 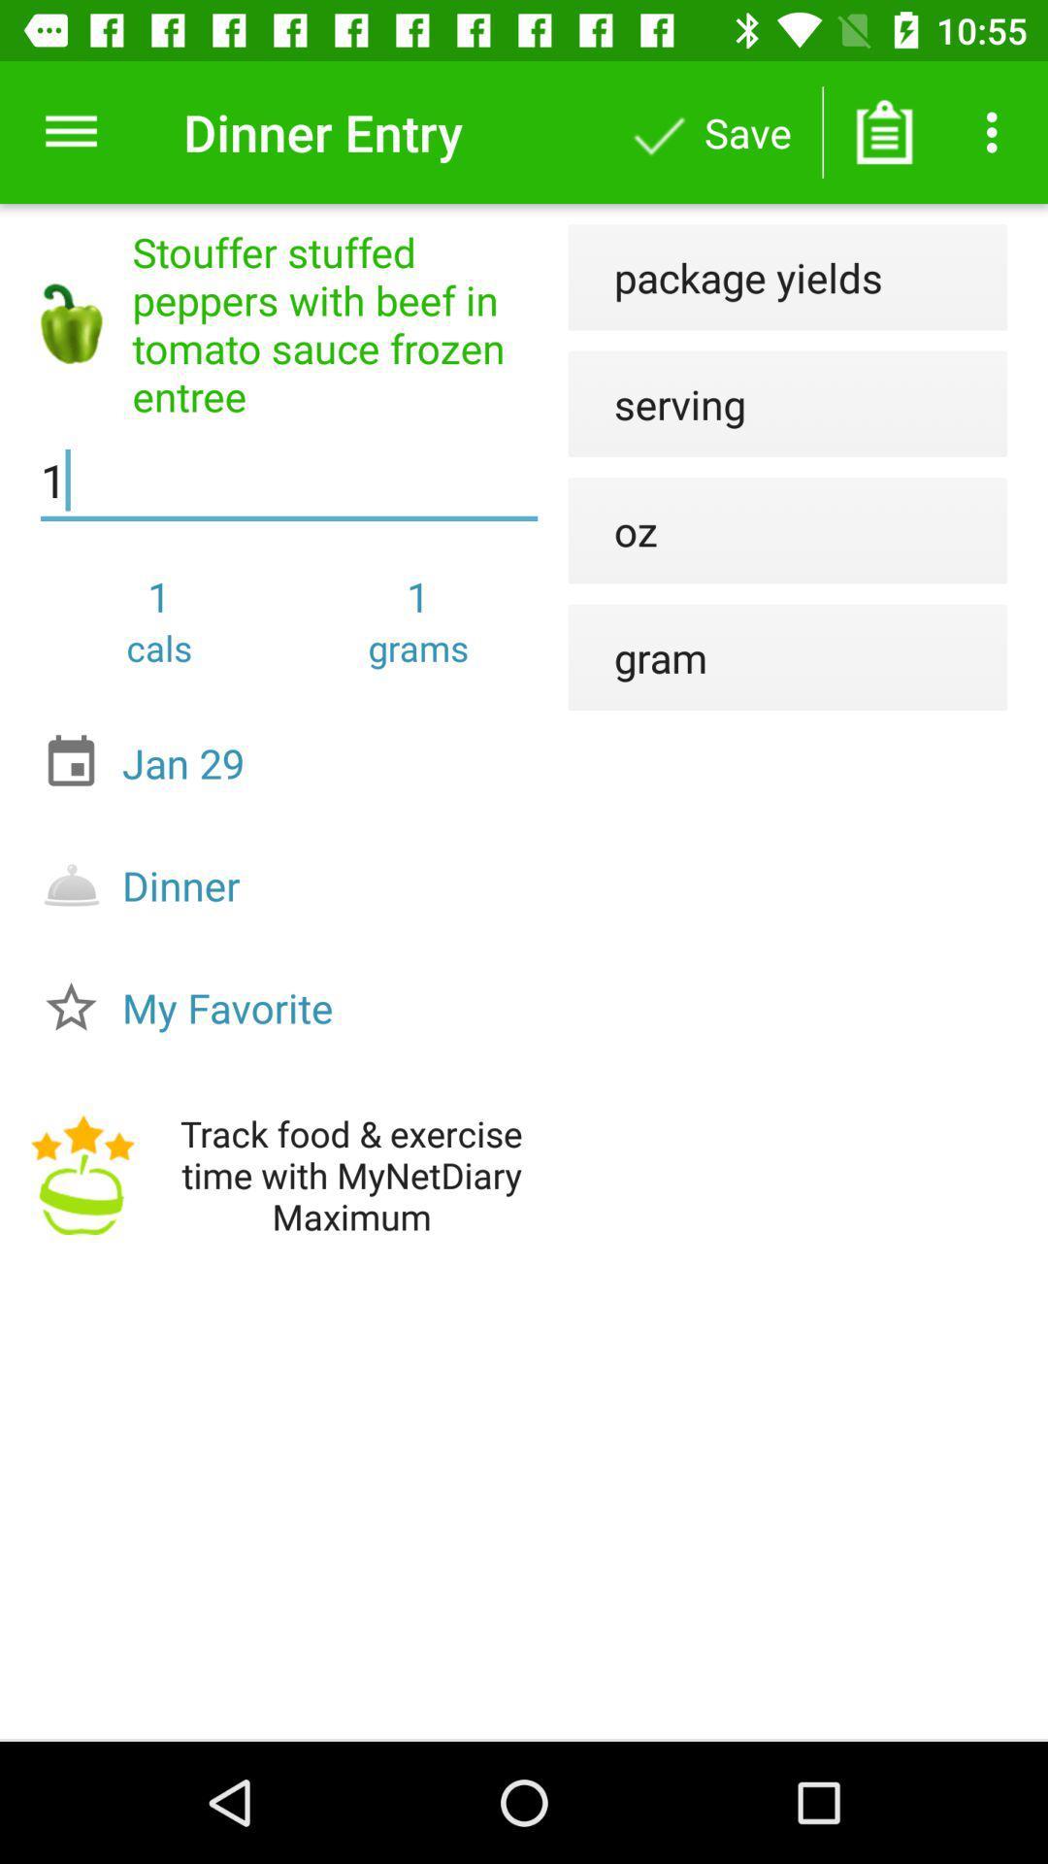 I want to click on the item above the track food exercise icon, so click(x=294, y=1007).